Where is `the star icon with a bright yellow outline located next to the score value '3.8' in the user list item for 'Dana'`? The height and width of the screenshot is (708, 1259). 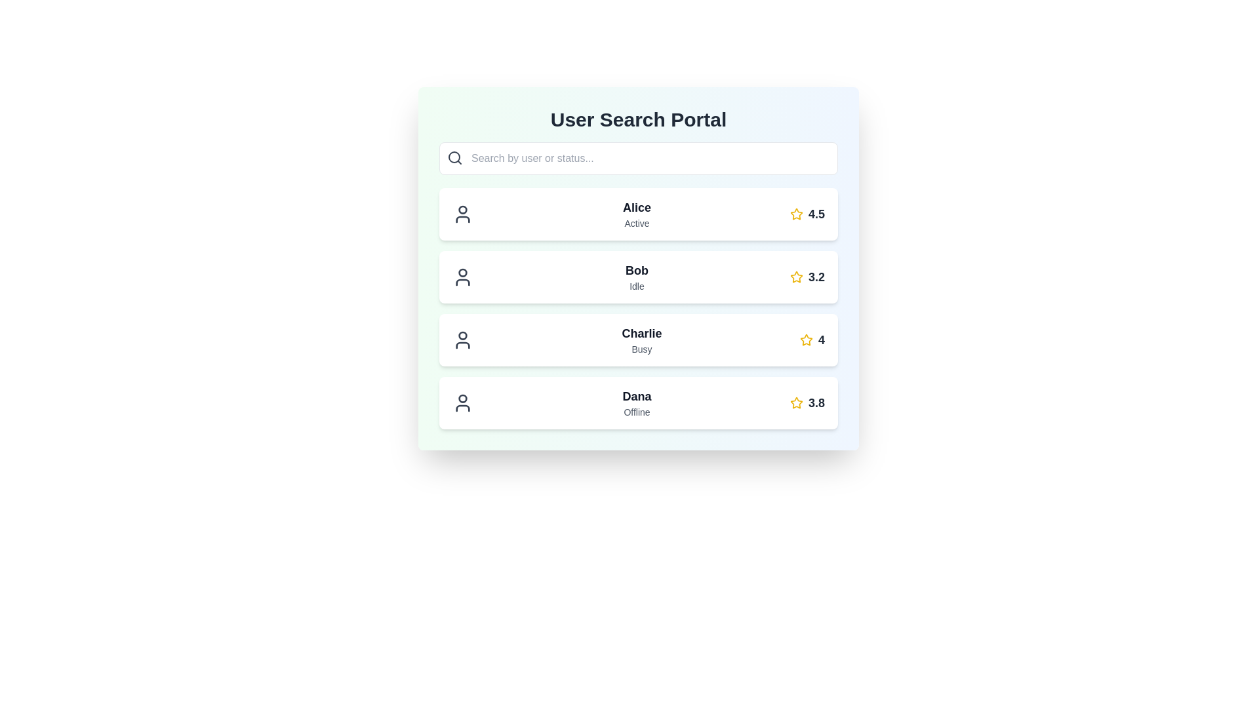
the star icon with a bright yellow outline located next to the score value '3.8' in the user list item for 'Dana' is located at coordinates (795, 402).